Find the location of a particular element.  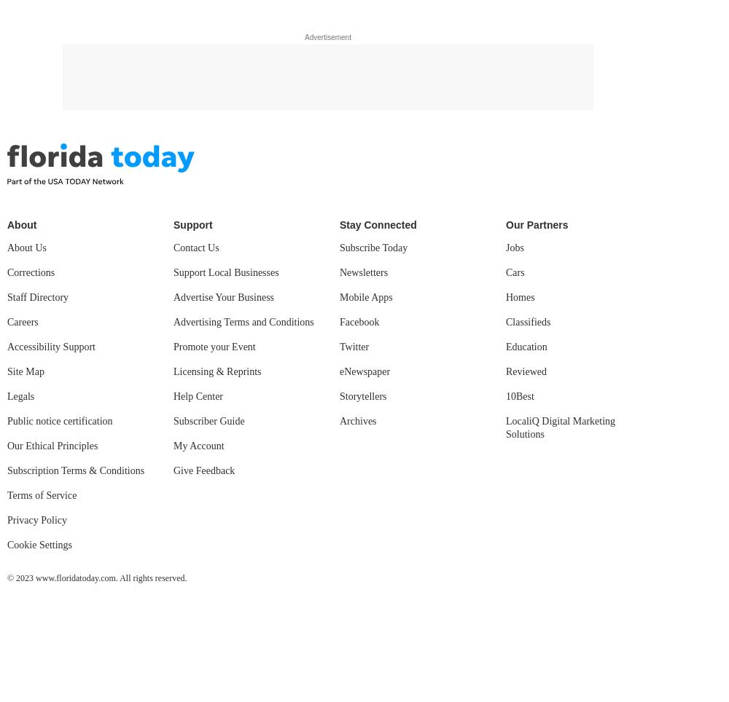

'Cars' is located at coordinates (514, 272).